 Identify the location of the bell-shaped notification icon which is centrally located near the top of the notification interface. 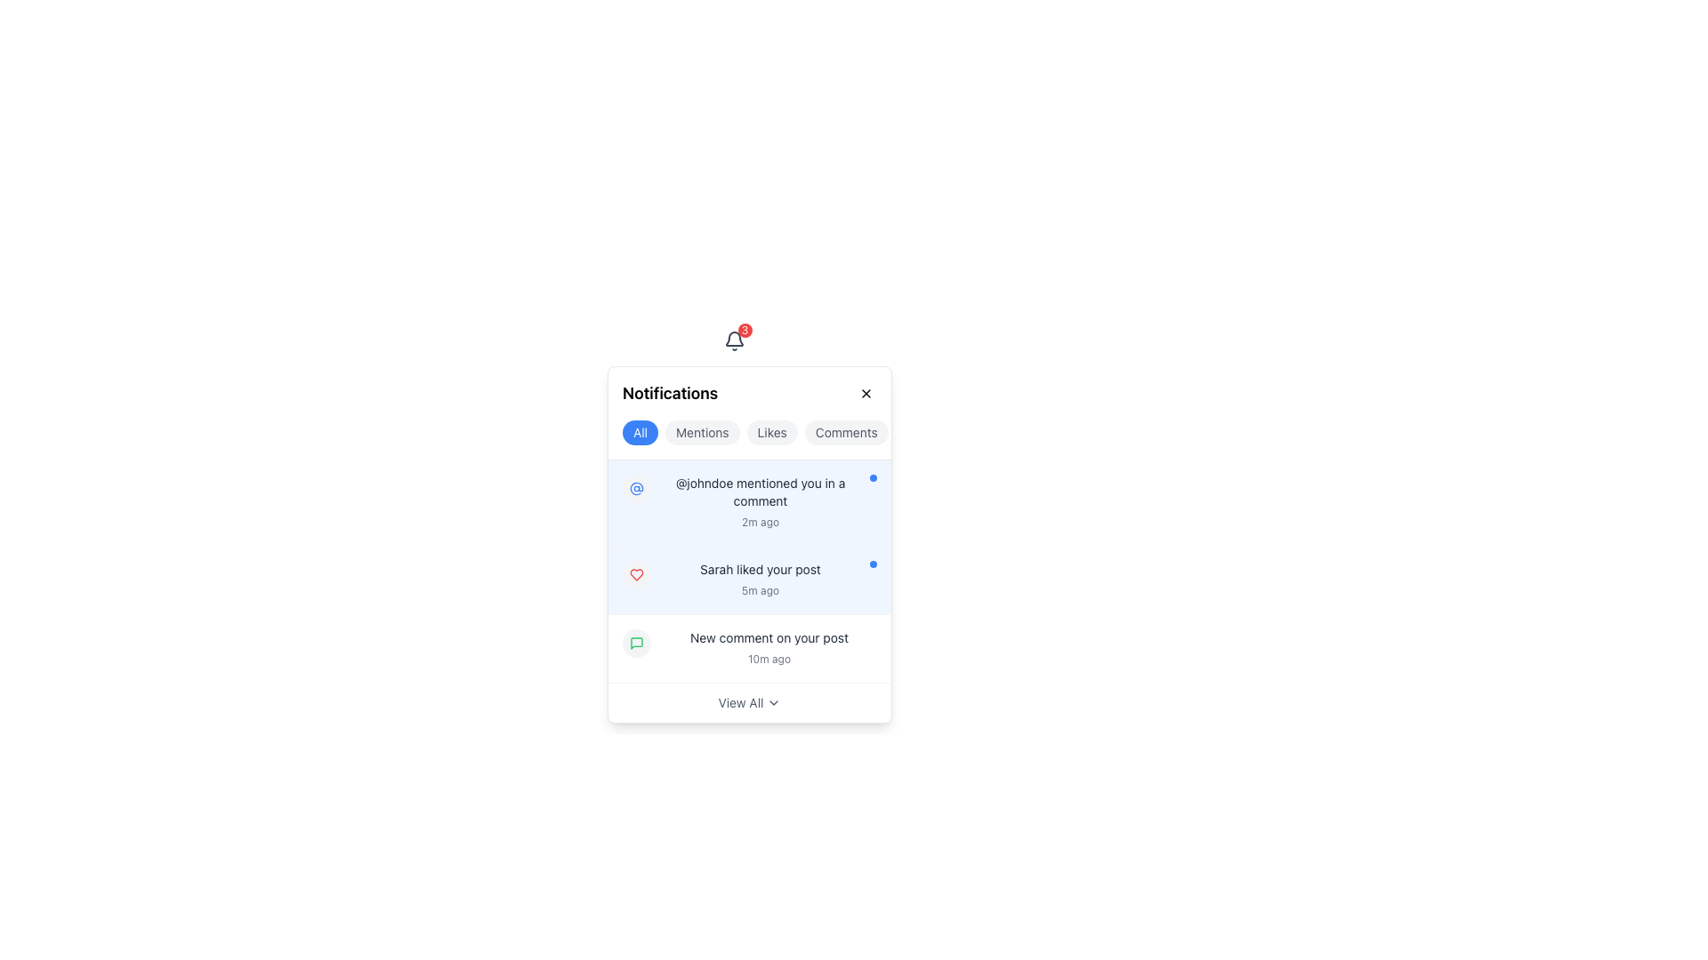
(734, 339).